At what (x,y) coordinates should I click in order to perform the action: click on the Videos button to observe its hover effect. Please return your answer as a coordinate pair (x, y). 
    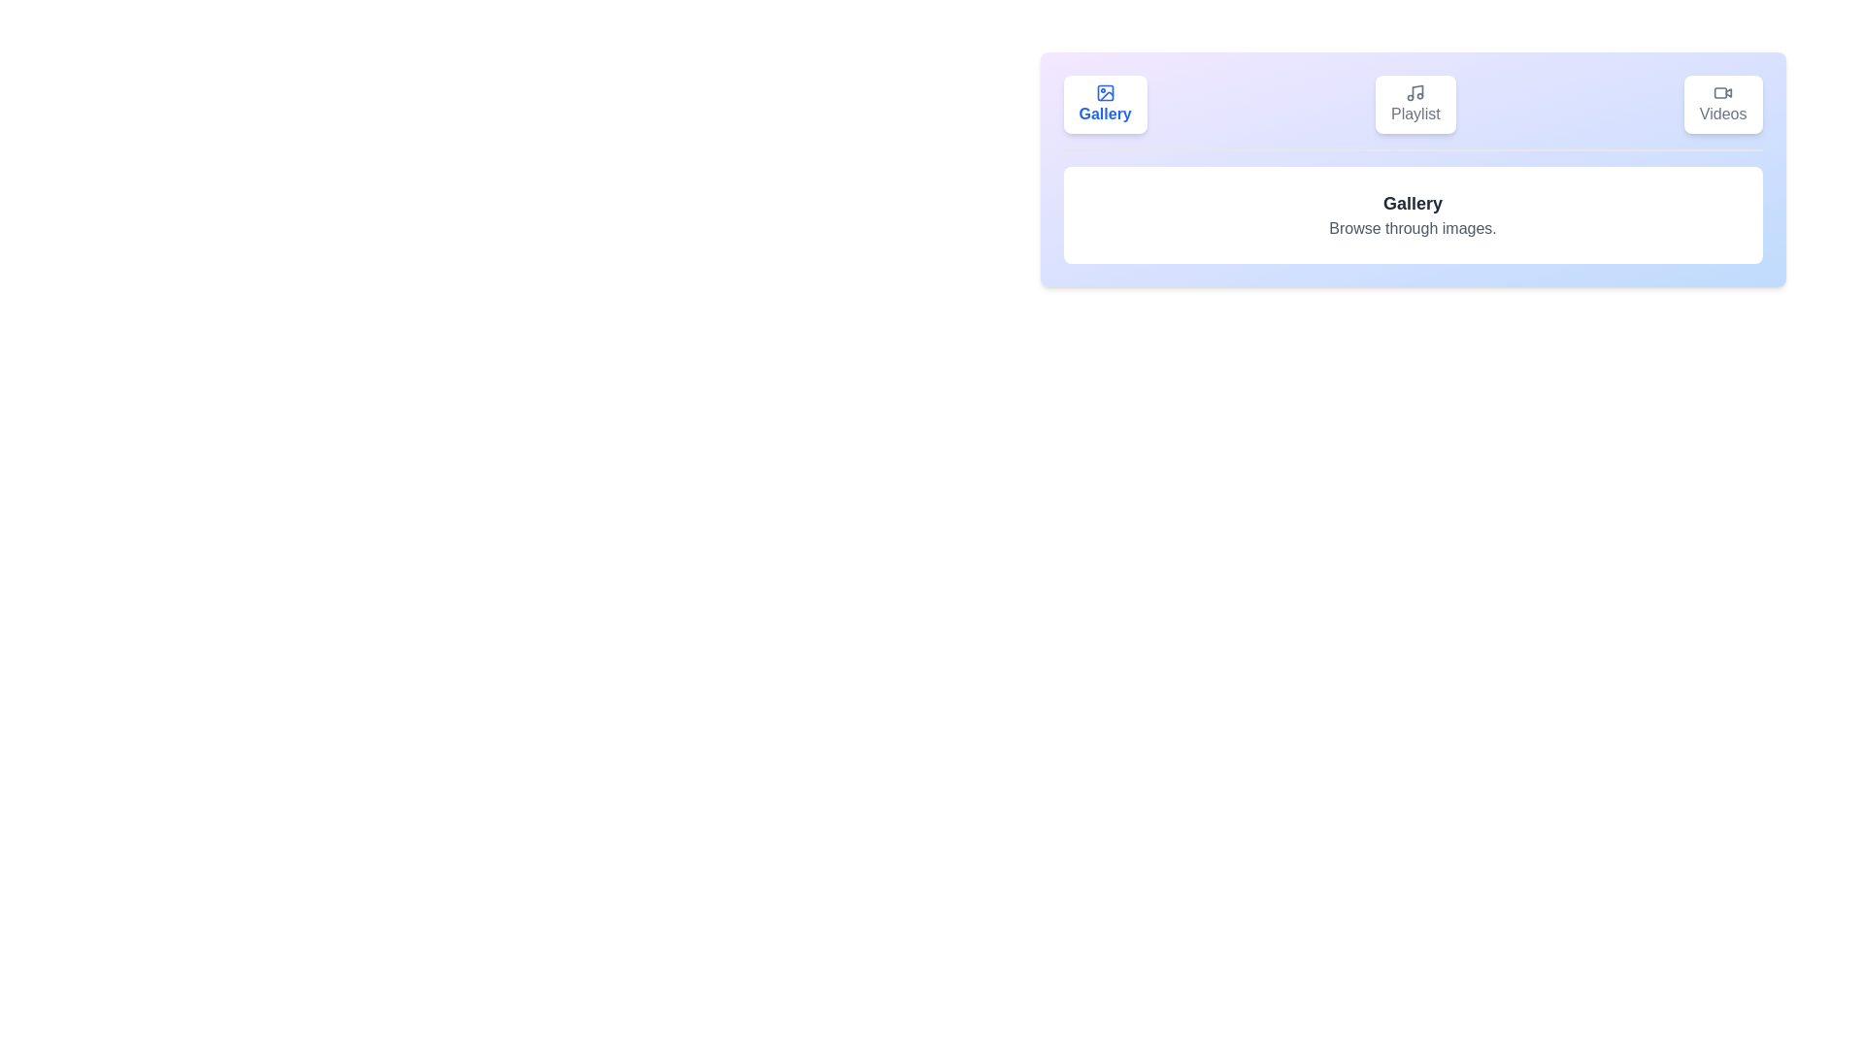
    Looking at the image, I should click on (1723, 105).